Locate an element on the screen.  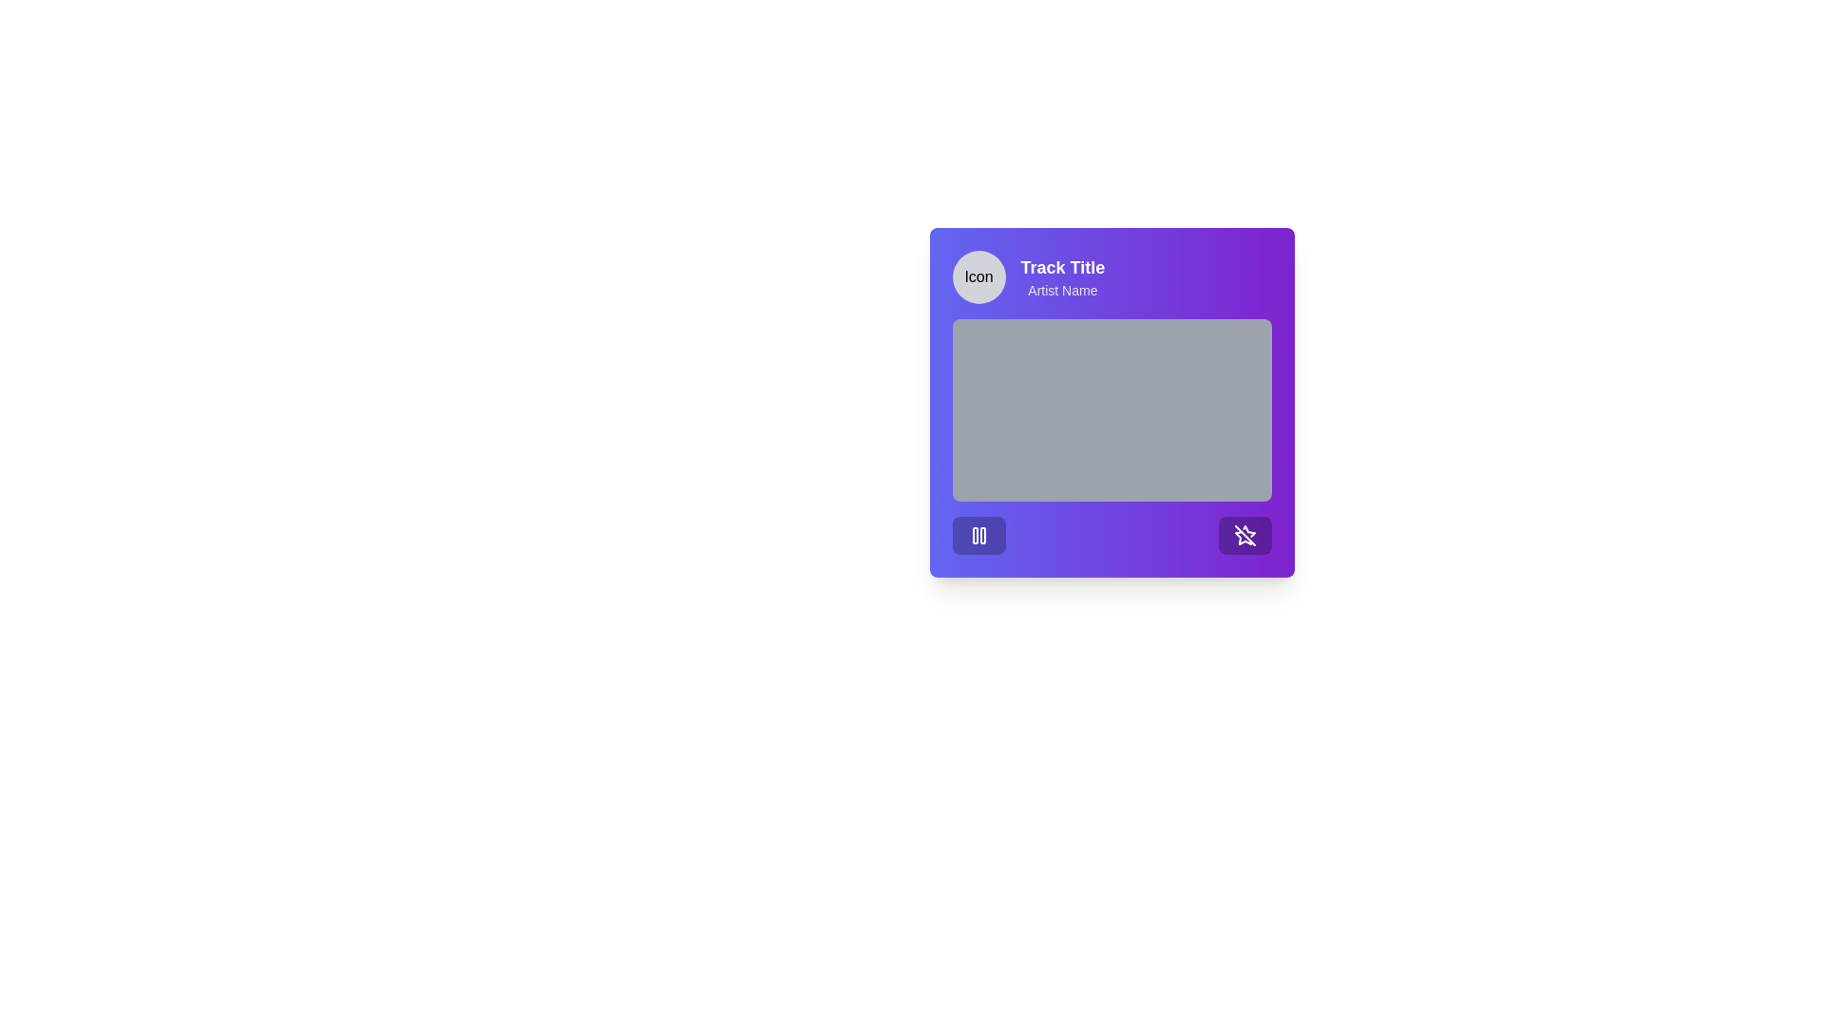
the 'Artist Name' text label, which displays the name of the artist associated with the track and is located directly below the 'Track Title' within a rectangular card layout is located at coordinates (1061, 290).